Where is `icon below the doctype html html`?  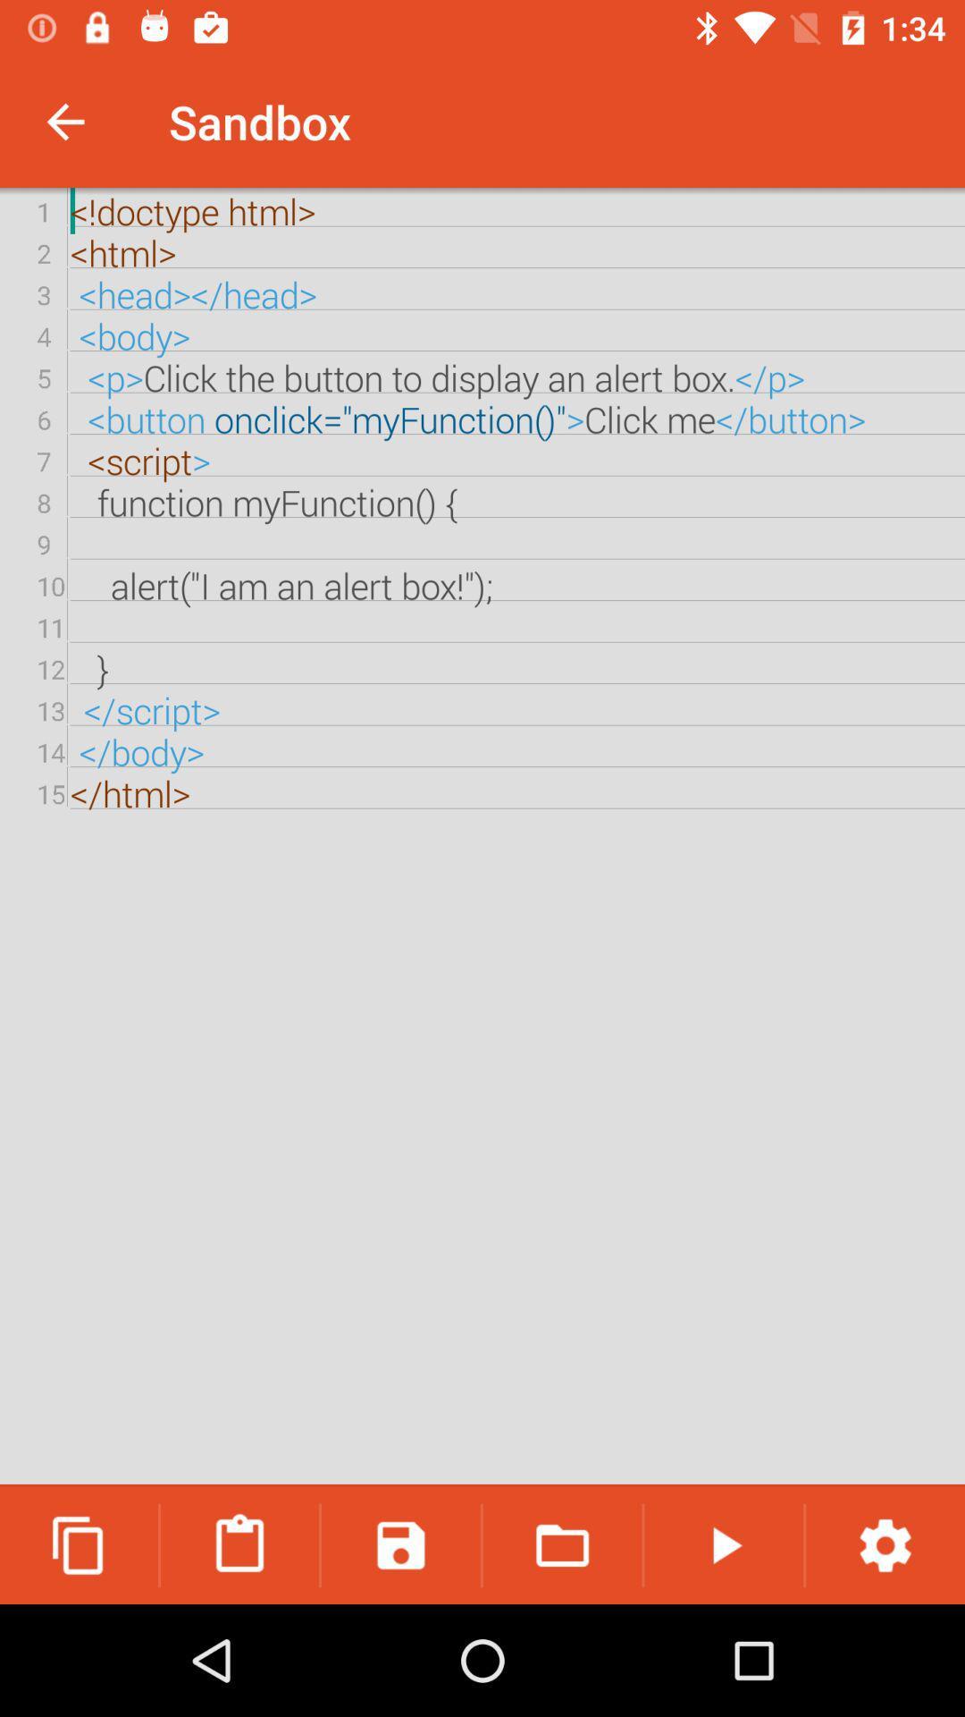 icon below the doctype html html is located at coordinates (399, 1544).